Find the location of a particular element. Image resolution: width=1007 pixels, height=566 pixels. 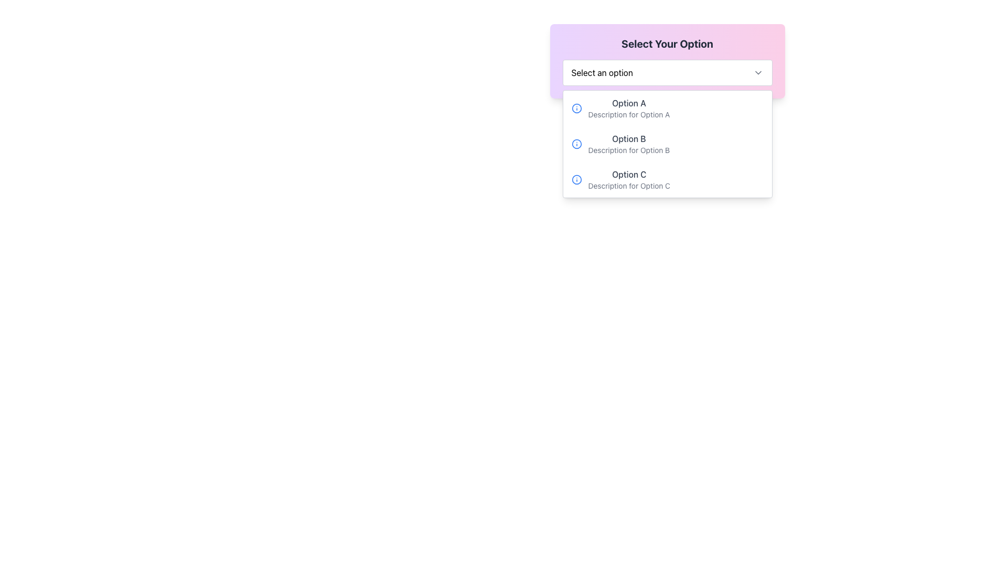

the second selectable list item, which features a bold heading 'Option B' and a descriptive subtitle 'Description for Option B' is located at coordinates (629, 144).